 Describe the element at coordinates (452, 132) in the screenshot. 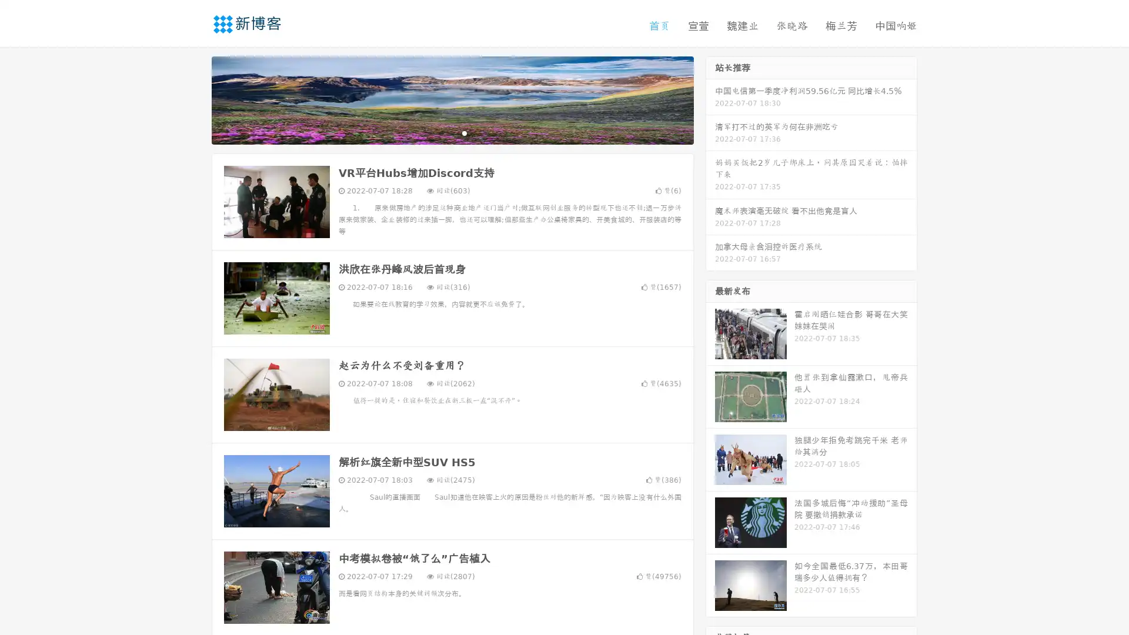

I see `Go to slide 2` at that location.